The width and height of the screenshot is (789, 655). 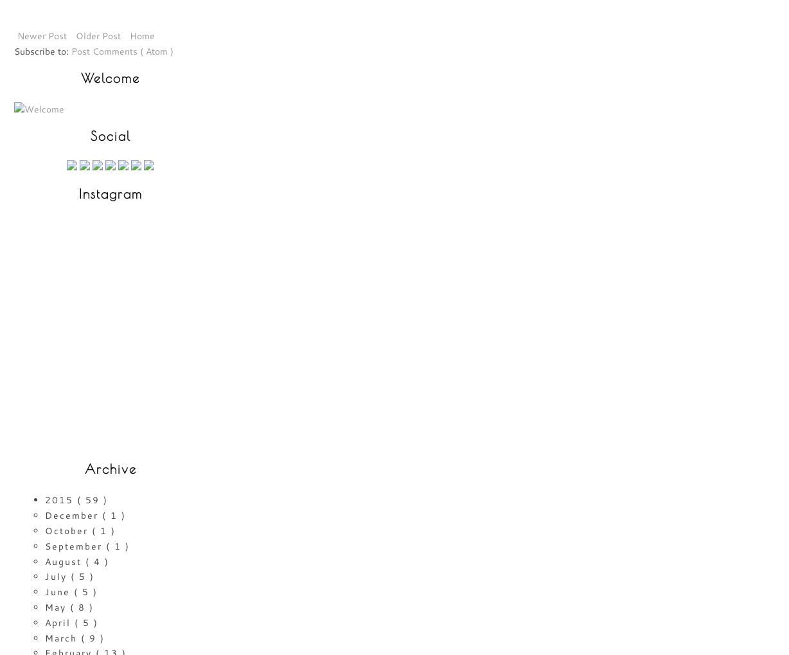 What do you see at coordinates (89, 134) in the screenshot?
I see `'Social'` at bounding box center [89, 134].